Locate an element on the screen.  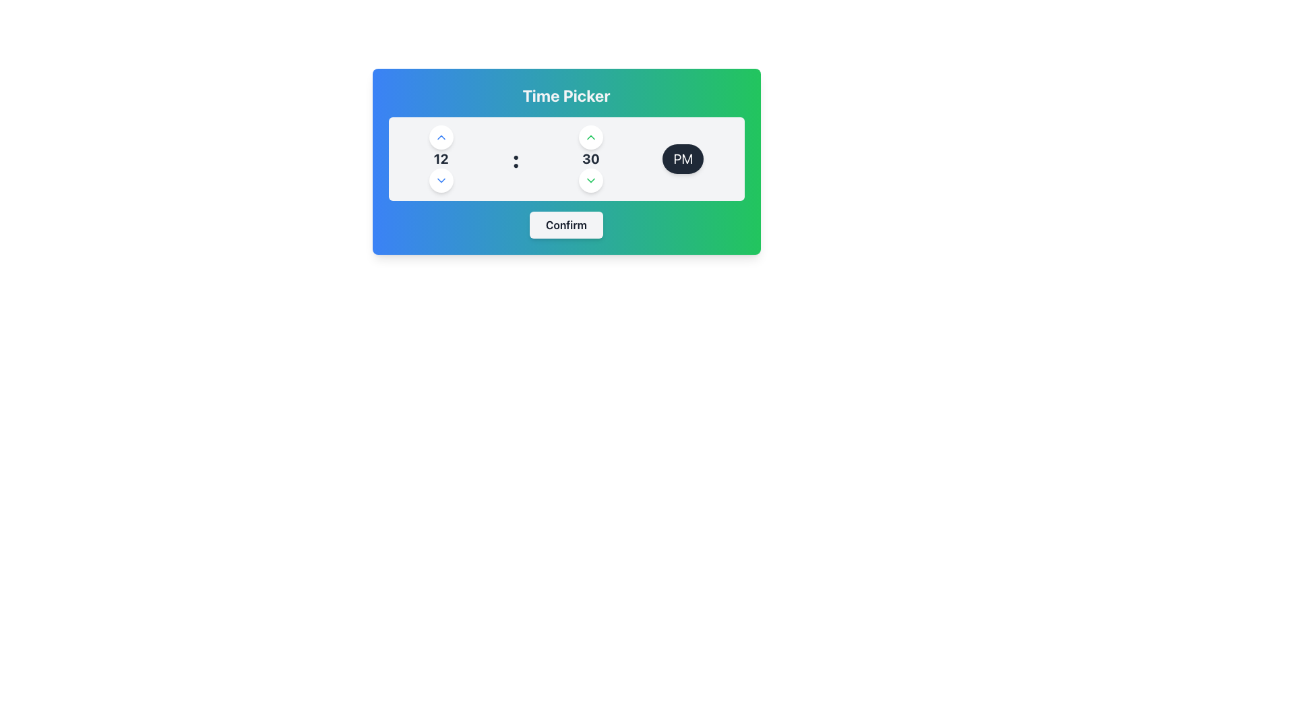
the circular button with a white background and a green downward-pointing chevron icon located in the lower area of the time selection column labeled '30' to decrement the minute value is located at coordinates (591, 179).